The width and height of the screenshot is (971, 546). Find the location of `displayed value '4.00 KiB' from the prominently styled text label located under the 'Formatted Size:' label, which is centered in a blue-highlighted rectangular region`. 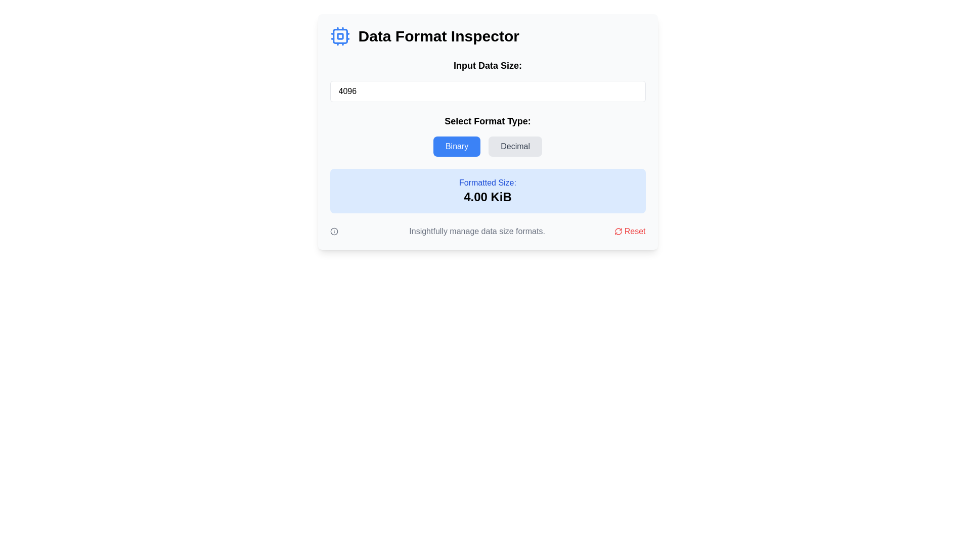

displayed value '4.00 KiB' from the prominently styled text label located under the 'Formatted Size:' label, which is centered in a blue-highlighted rectangular region is located at coordinates (488, 197).